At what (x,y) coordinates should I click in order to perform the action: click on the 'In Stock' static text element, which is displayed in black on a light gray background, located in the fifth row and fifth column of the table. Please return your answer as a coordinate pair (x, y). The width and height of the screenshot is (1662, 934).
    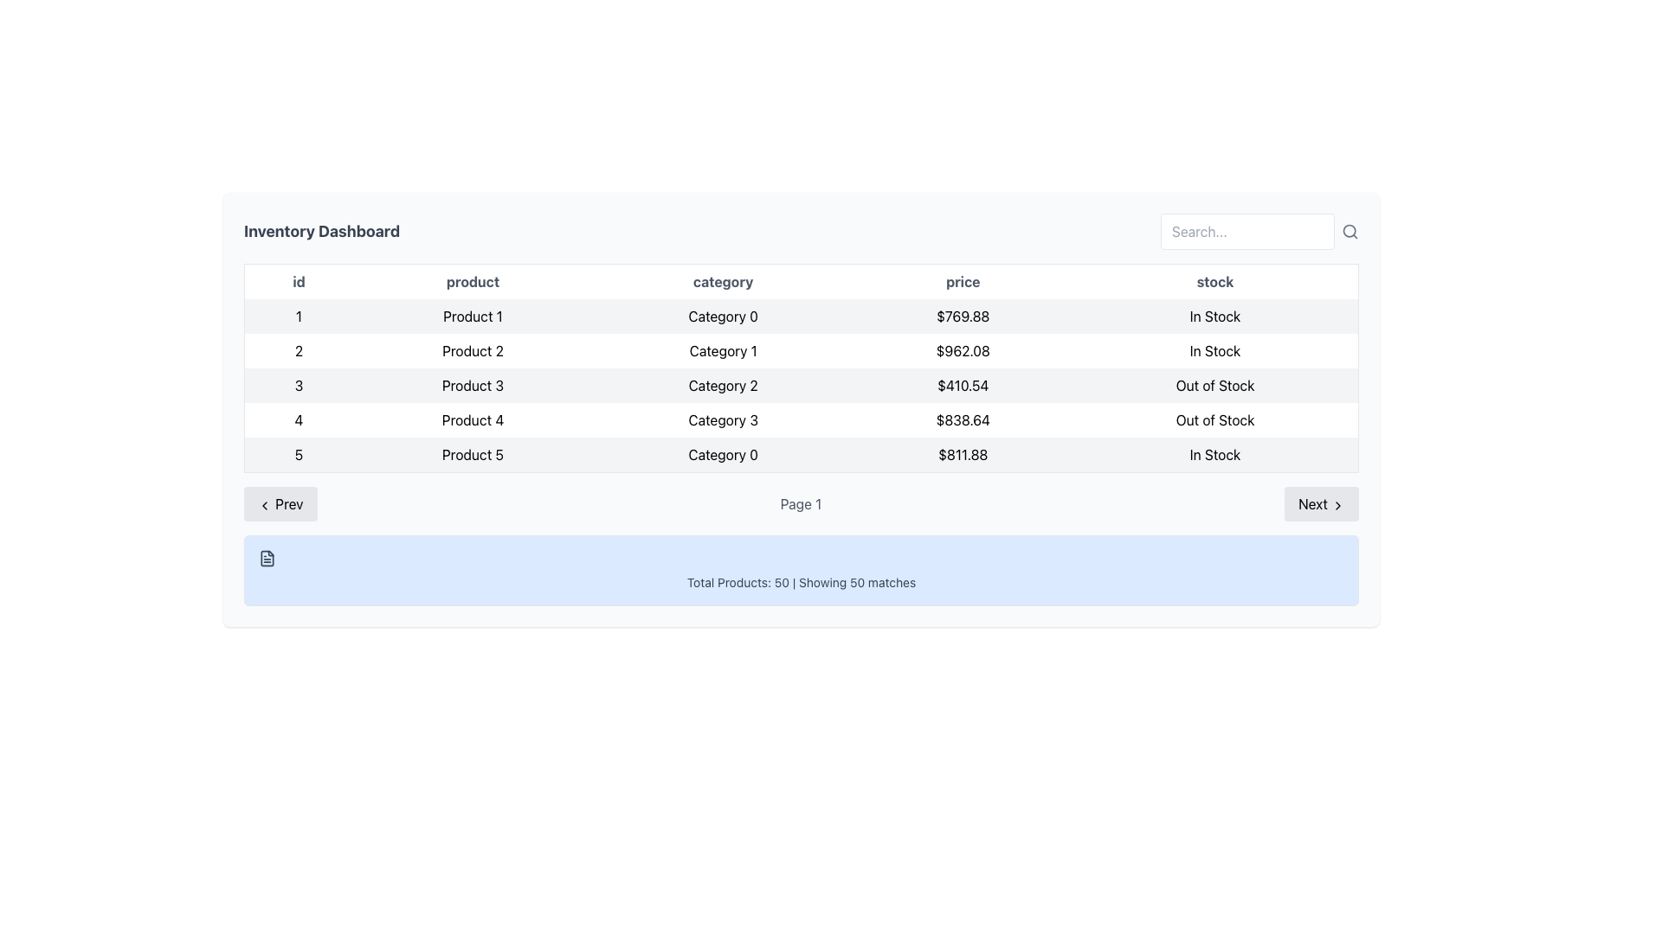
    Looking at the image, I should click on (1214, 454).